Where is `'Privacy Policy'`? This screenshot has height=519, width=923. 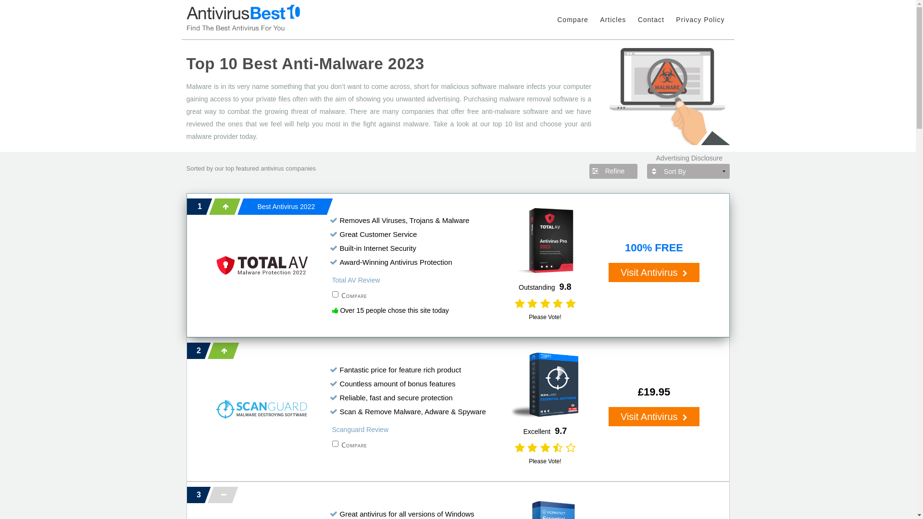 'Privacy Policy' is located at coordinates (700, 24).